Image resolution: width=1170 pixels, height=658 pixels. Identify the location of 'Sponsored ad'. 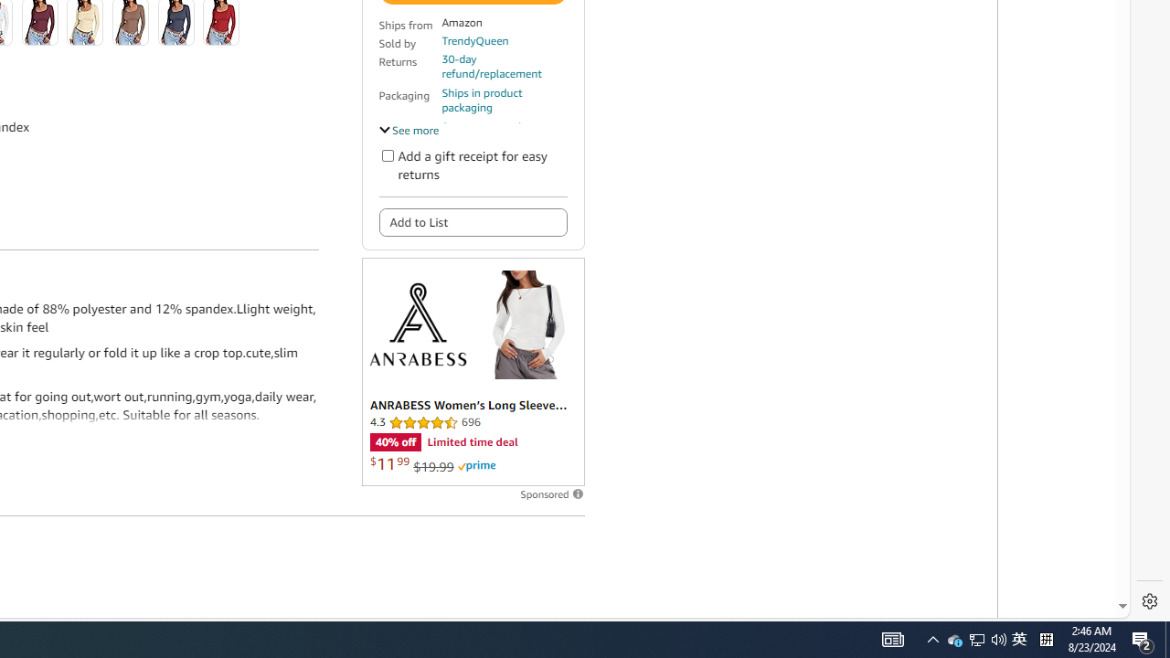
(473, 371).